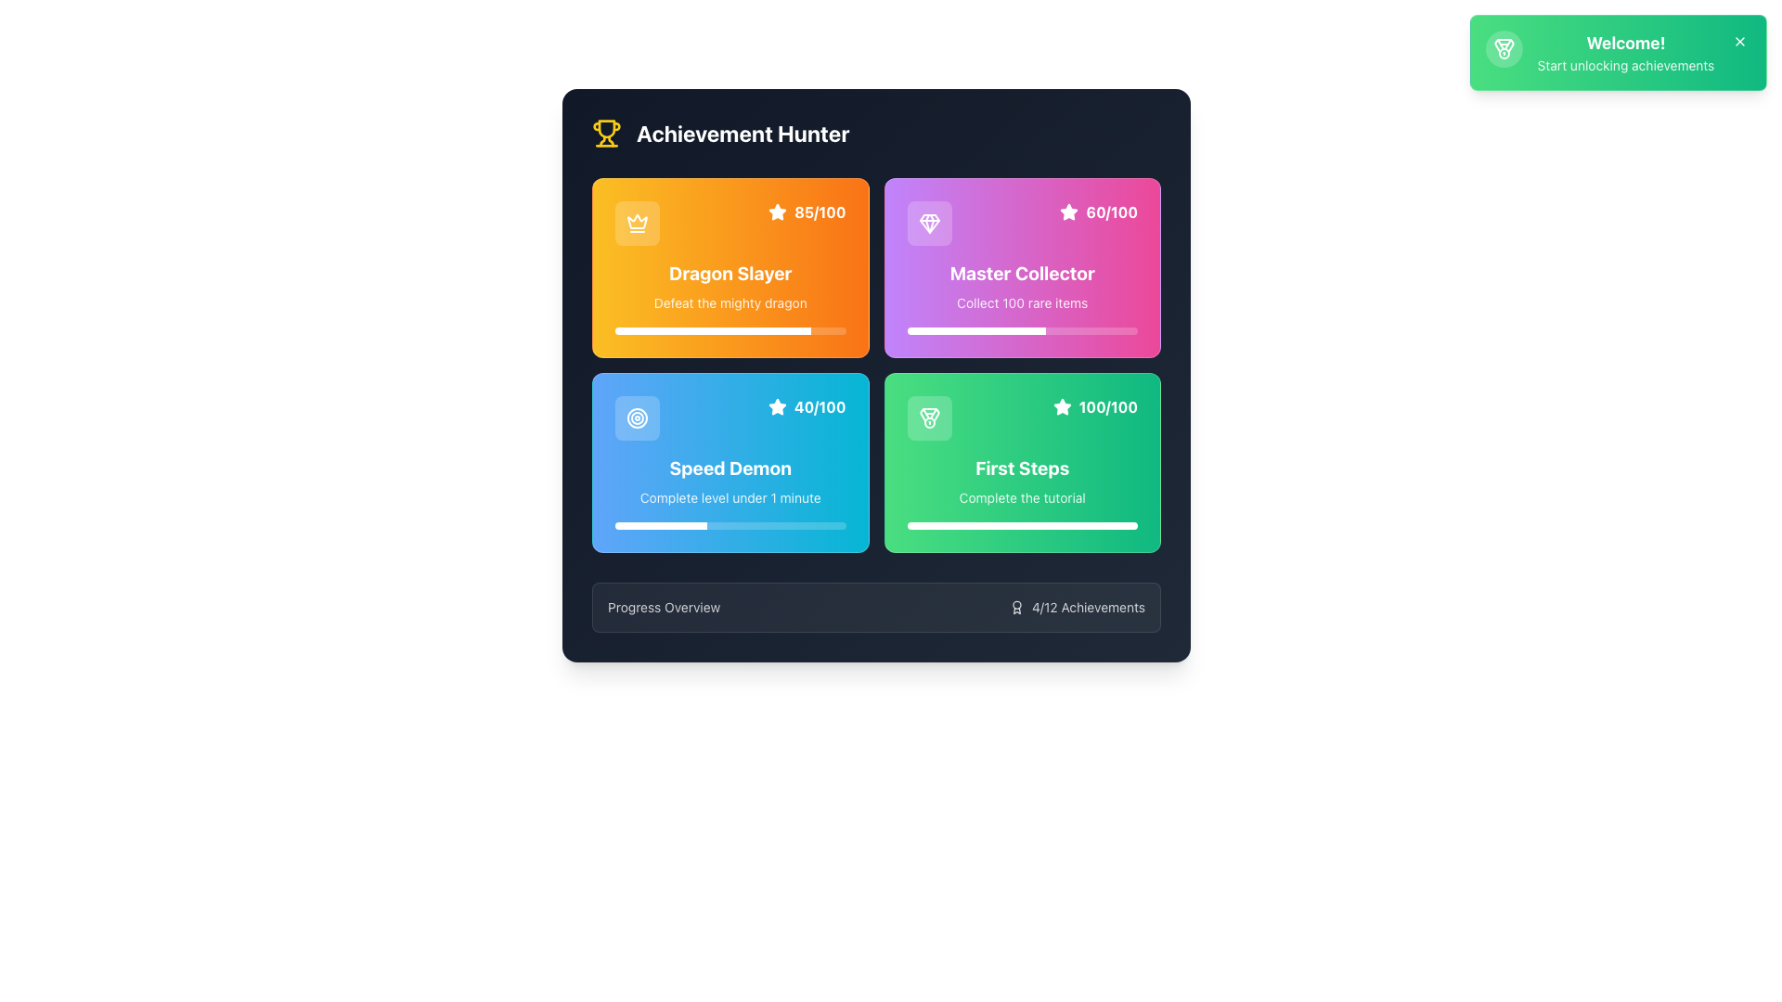 Image resolution: width=1782 pixels, height=1002 pixels. What do you see at coordinates (661, 526) in the screenshot?
I see `the solid white segment of the progress bar located within the light blue progress bar inside the 'Speed Demon' card, positioned at the bottom-left of the grid layout` at bounding box center [661, 526].